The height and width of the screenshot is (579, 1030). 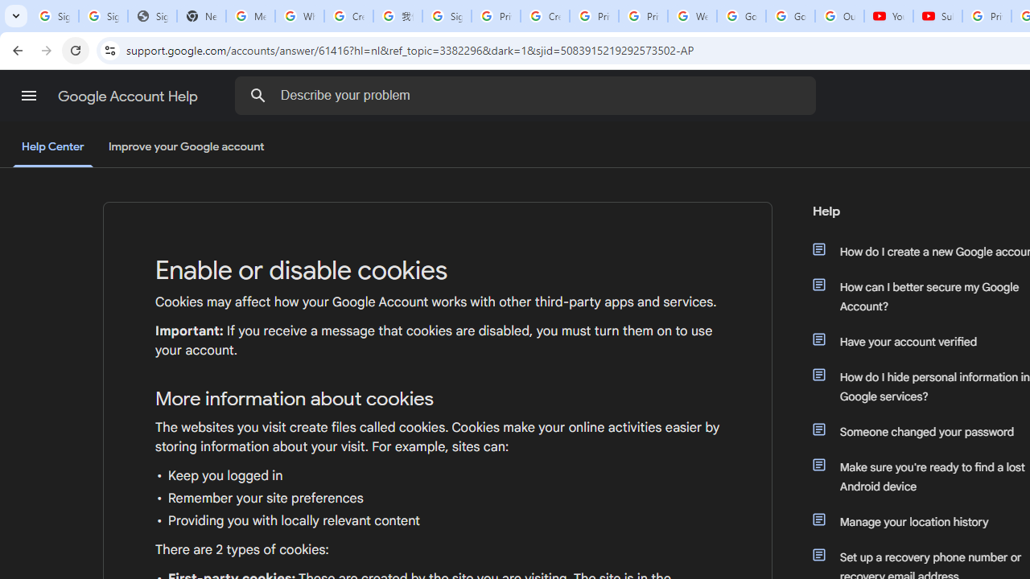 I want to click on 'YouTube', so click(x=888, y=16).